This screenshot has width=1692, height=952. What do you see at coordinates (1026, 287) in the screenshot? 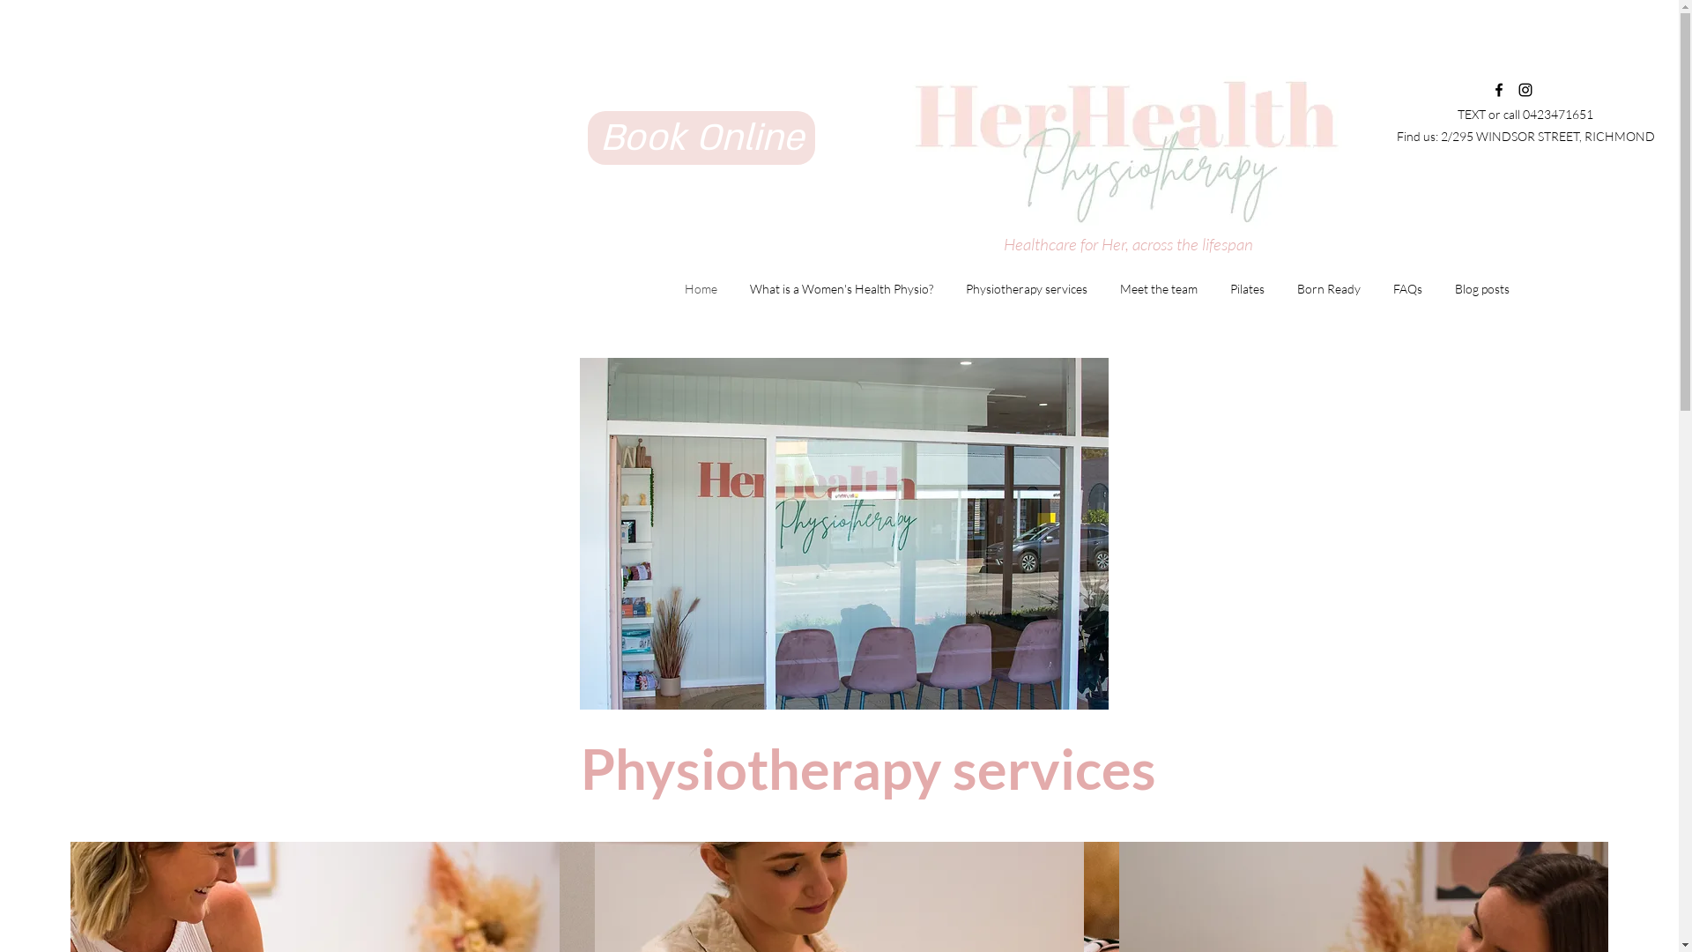
I see `'Physiotherapy services'` at bounding box center [1026, 287].